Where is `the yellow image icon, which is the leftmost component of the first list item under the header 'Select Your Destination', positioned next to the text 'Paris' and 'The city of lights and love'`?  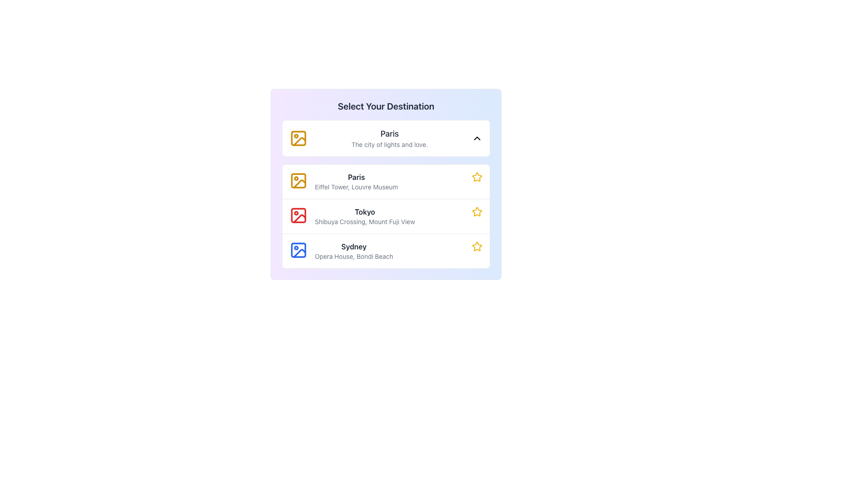
the yellow image icon, which is the leftmost component of the first list item under the header 'Select Your Destination', positioned next to the text 'Paris' and 'The city of lights and love' is located at coordinates (299, 138).